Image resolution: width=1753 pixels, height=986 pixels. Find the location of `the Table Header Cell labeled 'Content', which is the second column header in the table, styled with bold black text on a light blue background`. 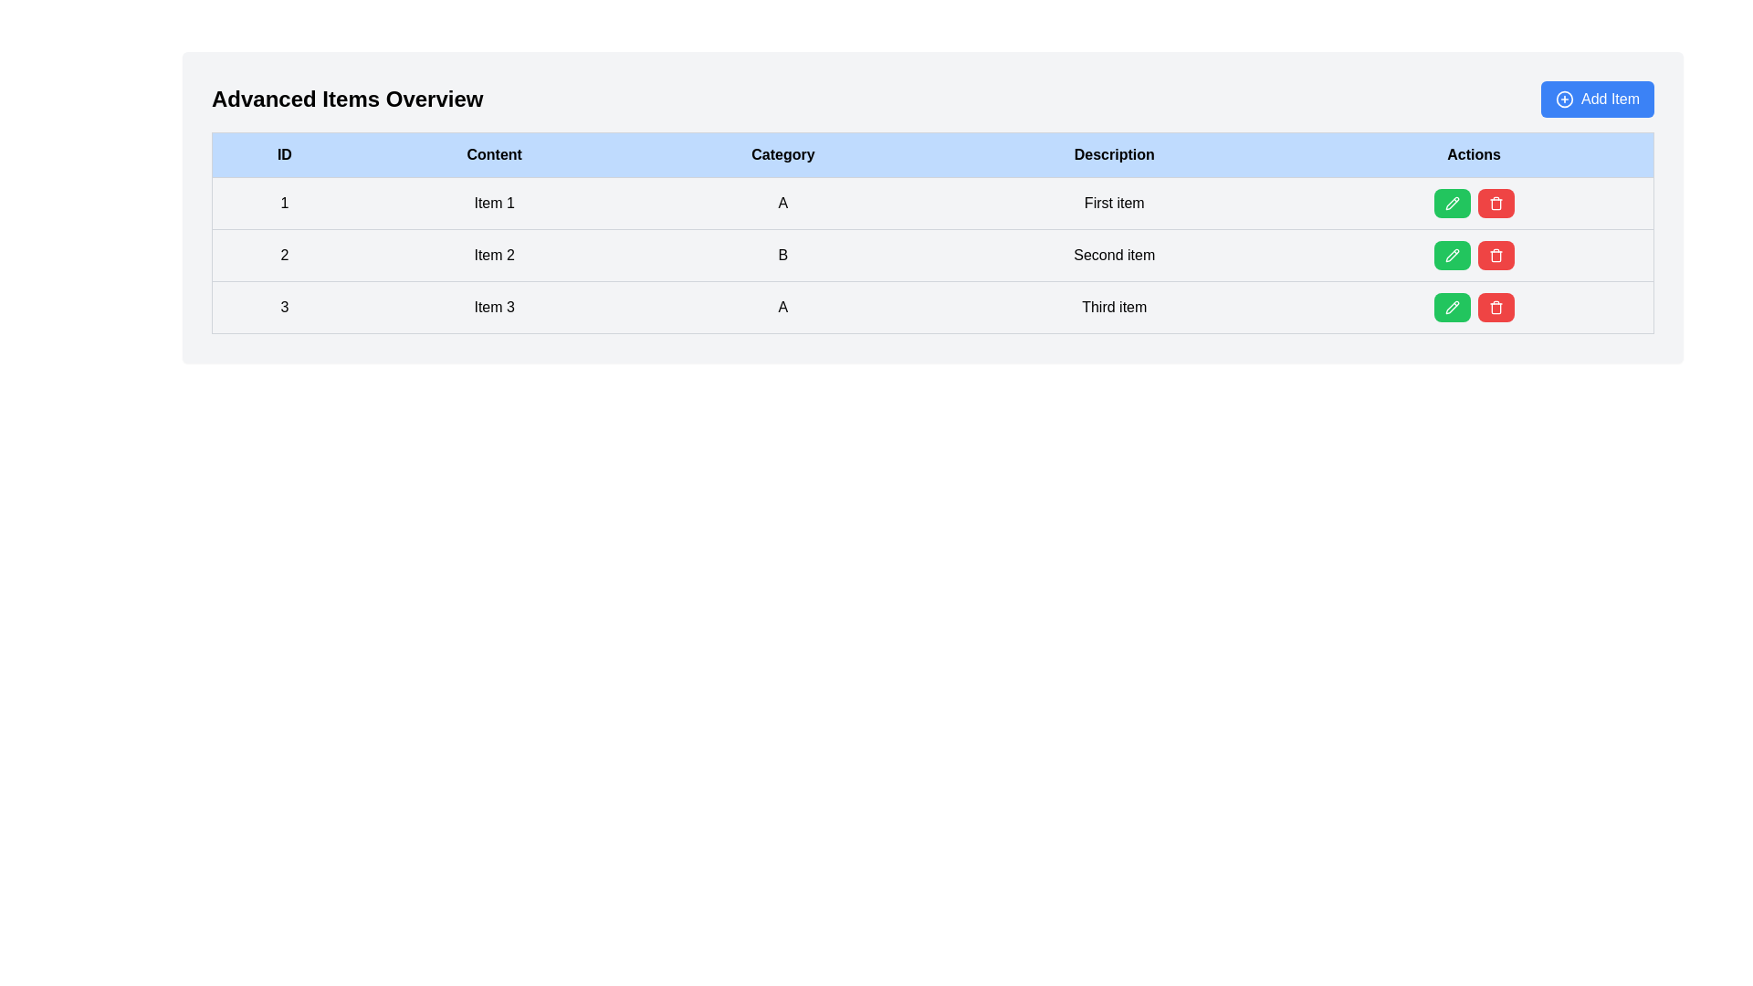

the Table Header Cell labeled 'Content', which is the second column header in the table, styled with bold black text on a light blue background is located at coordinates (494, 153).